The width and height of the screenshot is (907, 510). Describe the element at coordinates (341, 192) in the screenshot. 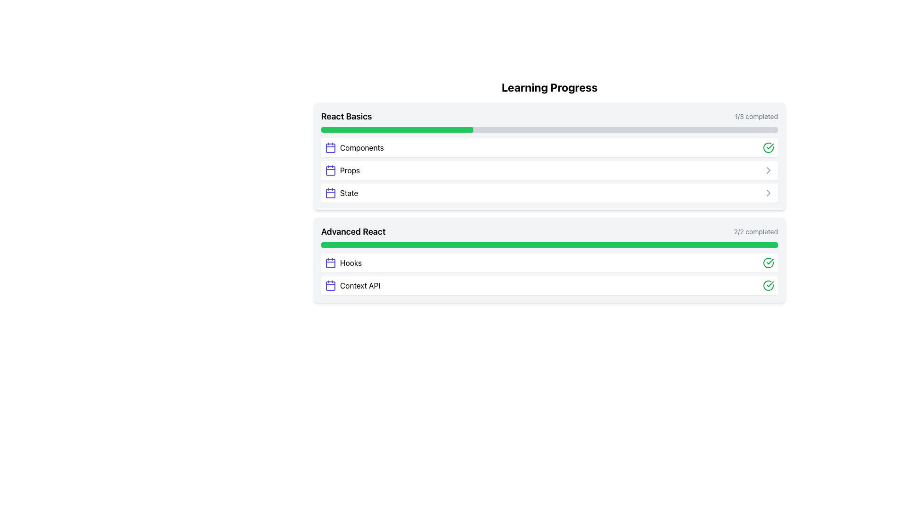

I see `the calendar icon and text label for 'State' in the third row of the 'React Basics' section` at that location.